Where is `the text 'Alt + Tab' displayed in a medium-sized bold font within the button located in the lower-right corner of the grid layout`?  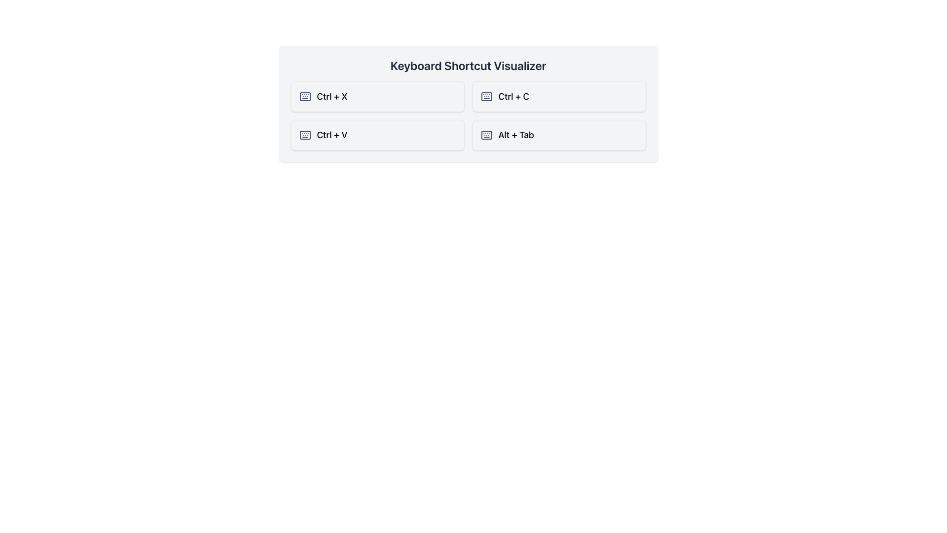
the text 'Alt + Tab' displayed in a medium-sized bold font within the button located in the lower-right corner of the grid layout is located at coordinates (515, 135).